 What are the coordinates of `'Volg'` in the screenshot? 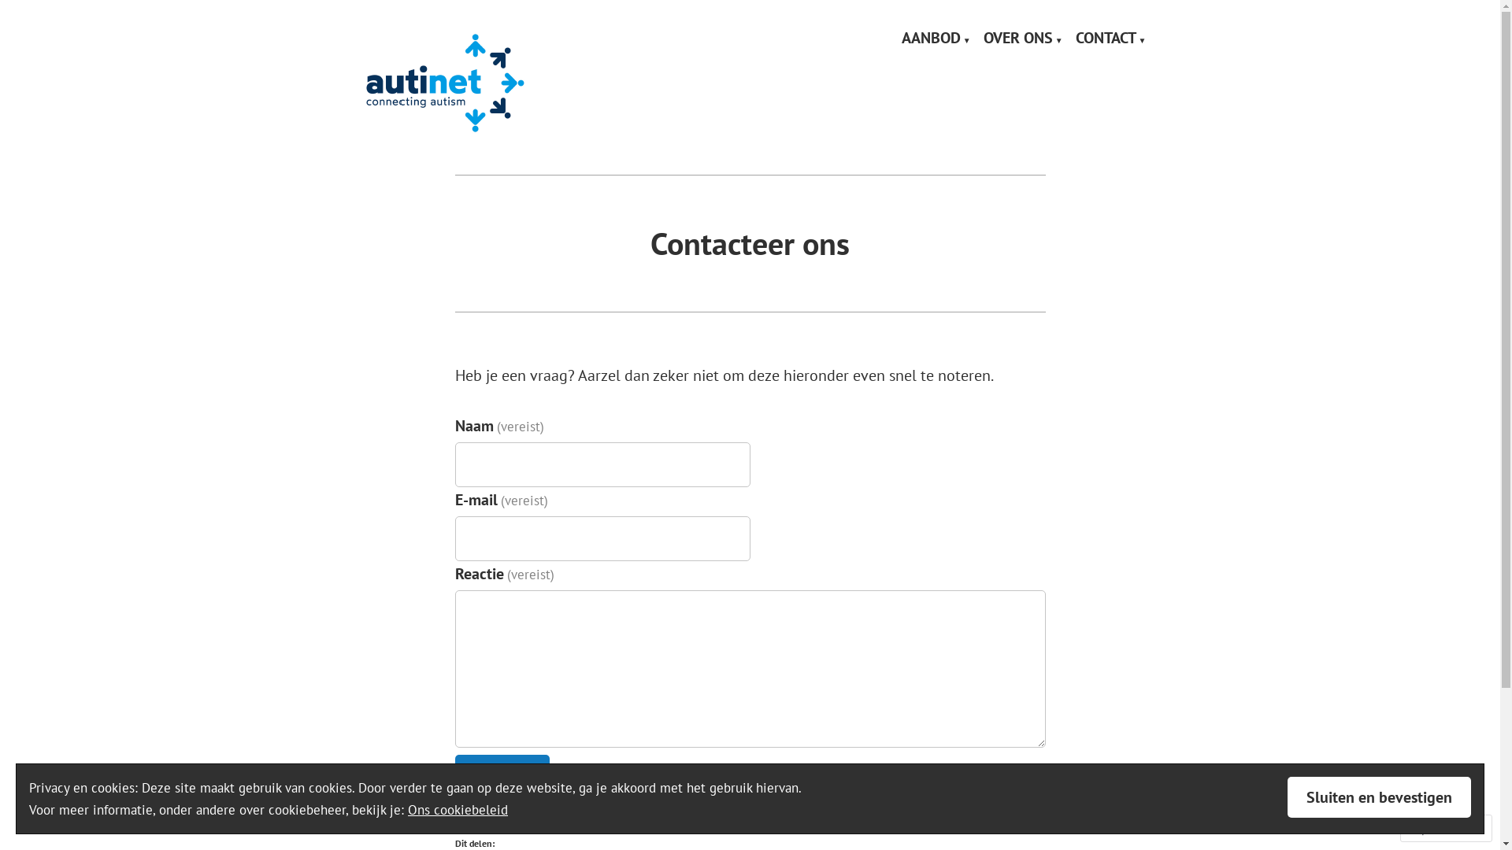 It's located at (1406, 827).